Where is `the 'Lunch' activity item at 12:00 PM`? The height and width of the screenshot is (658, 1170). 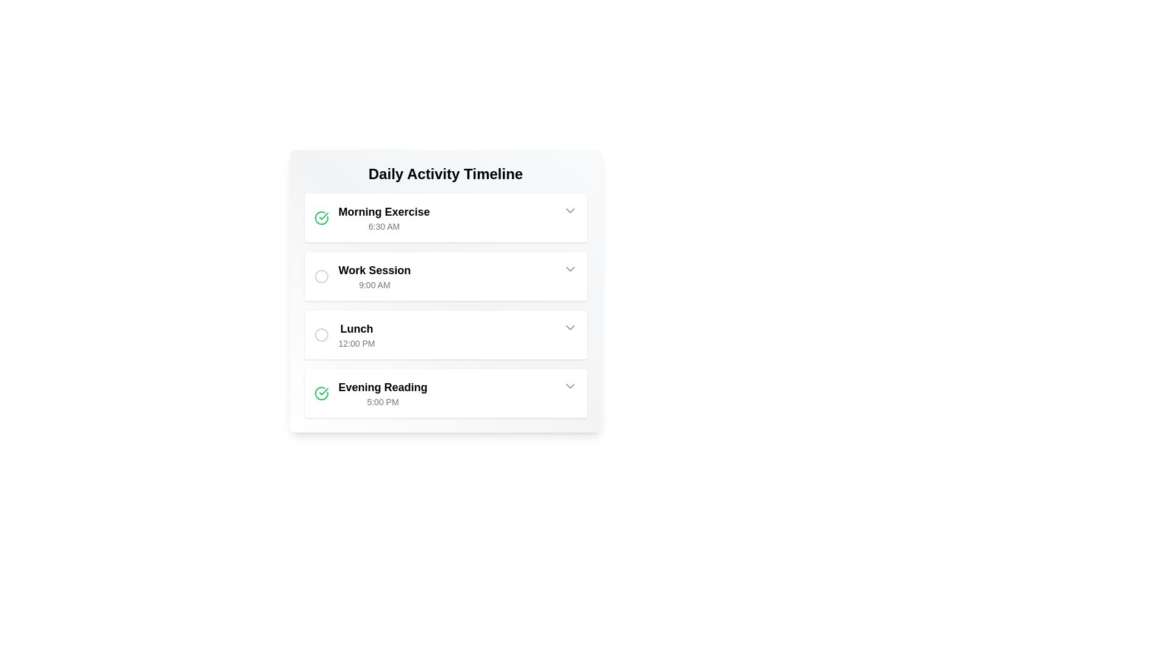
the 'Lunch' activity item at 12:00 PM is located at coordinates (445, 335).